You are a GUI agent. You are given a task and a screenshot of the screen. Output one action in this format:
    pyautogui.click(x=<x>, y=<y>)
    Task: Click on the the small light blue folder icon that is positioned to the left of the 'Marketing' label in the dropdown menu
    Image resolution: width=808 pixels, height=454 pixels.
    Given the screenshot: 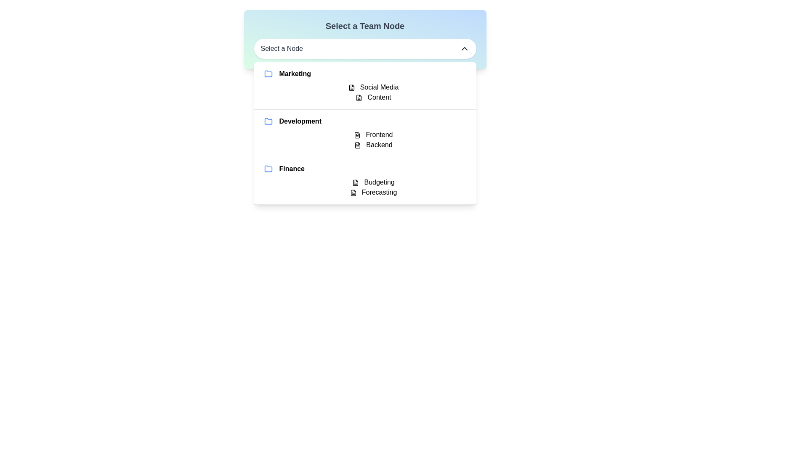 What is the action you would take?
    pyautogui.click(x=268, y=74)
    